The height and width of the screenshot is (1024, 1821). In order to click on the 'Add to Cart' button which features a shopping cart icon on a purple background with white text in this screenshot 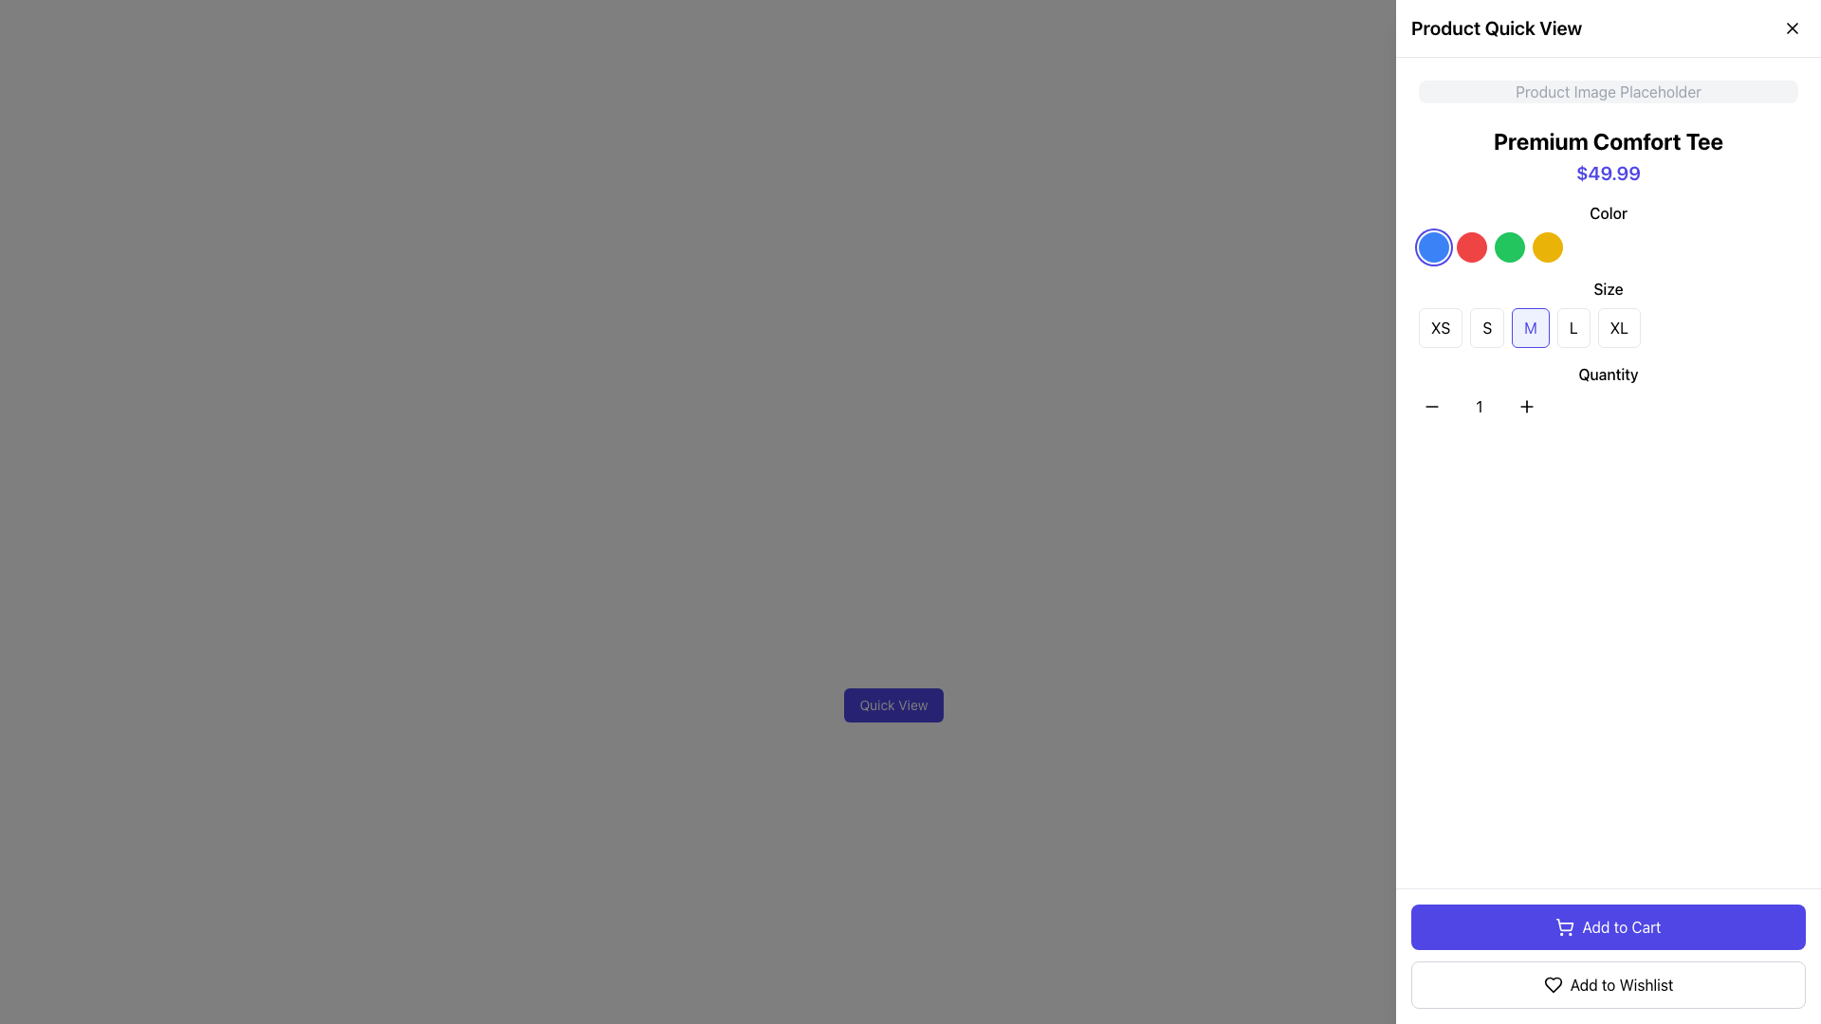, I will do `click(1565, 923)`.